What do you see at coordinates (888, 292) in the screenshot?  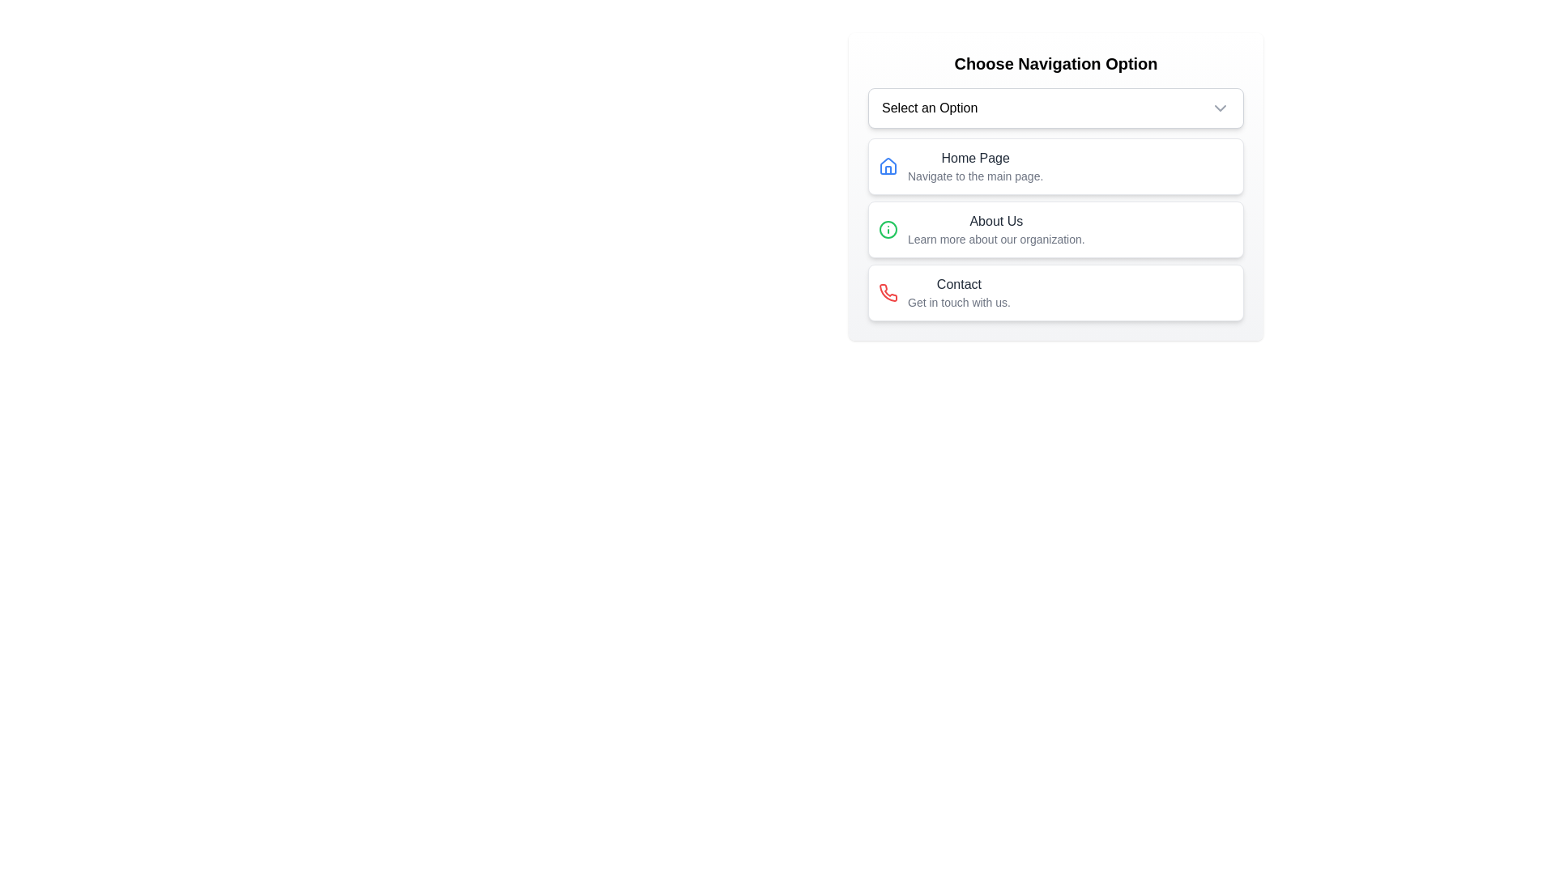 I see `the red phone icon representing the call feature, which is the third option in the vertical list of navigation items` at bounding box center [888, 292].